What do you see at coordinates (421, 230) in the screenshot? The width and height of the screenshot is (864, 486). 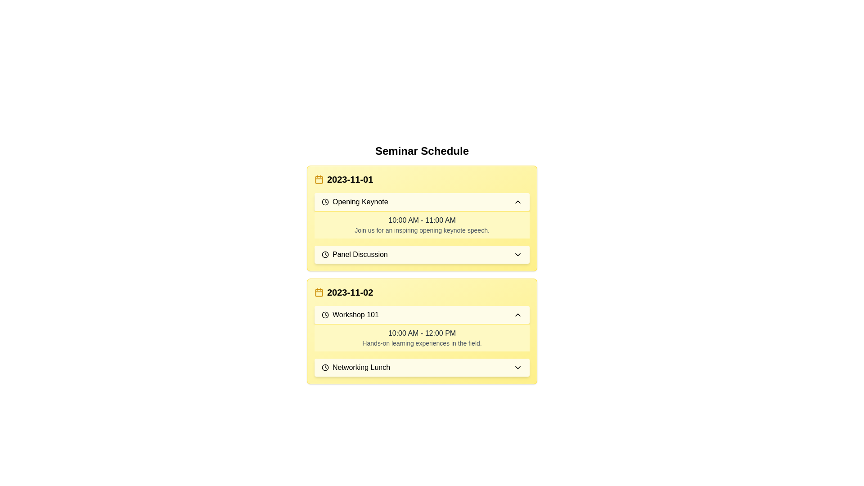 I see `the static text providing details about the keynote event located under the '10:00 AM - 11:00 AM' time range in the 'Opening Keynote' section of the '2023-11-01' schedule` at bounding box center [421, 230].